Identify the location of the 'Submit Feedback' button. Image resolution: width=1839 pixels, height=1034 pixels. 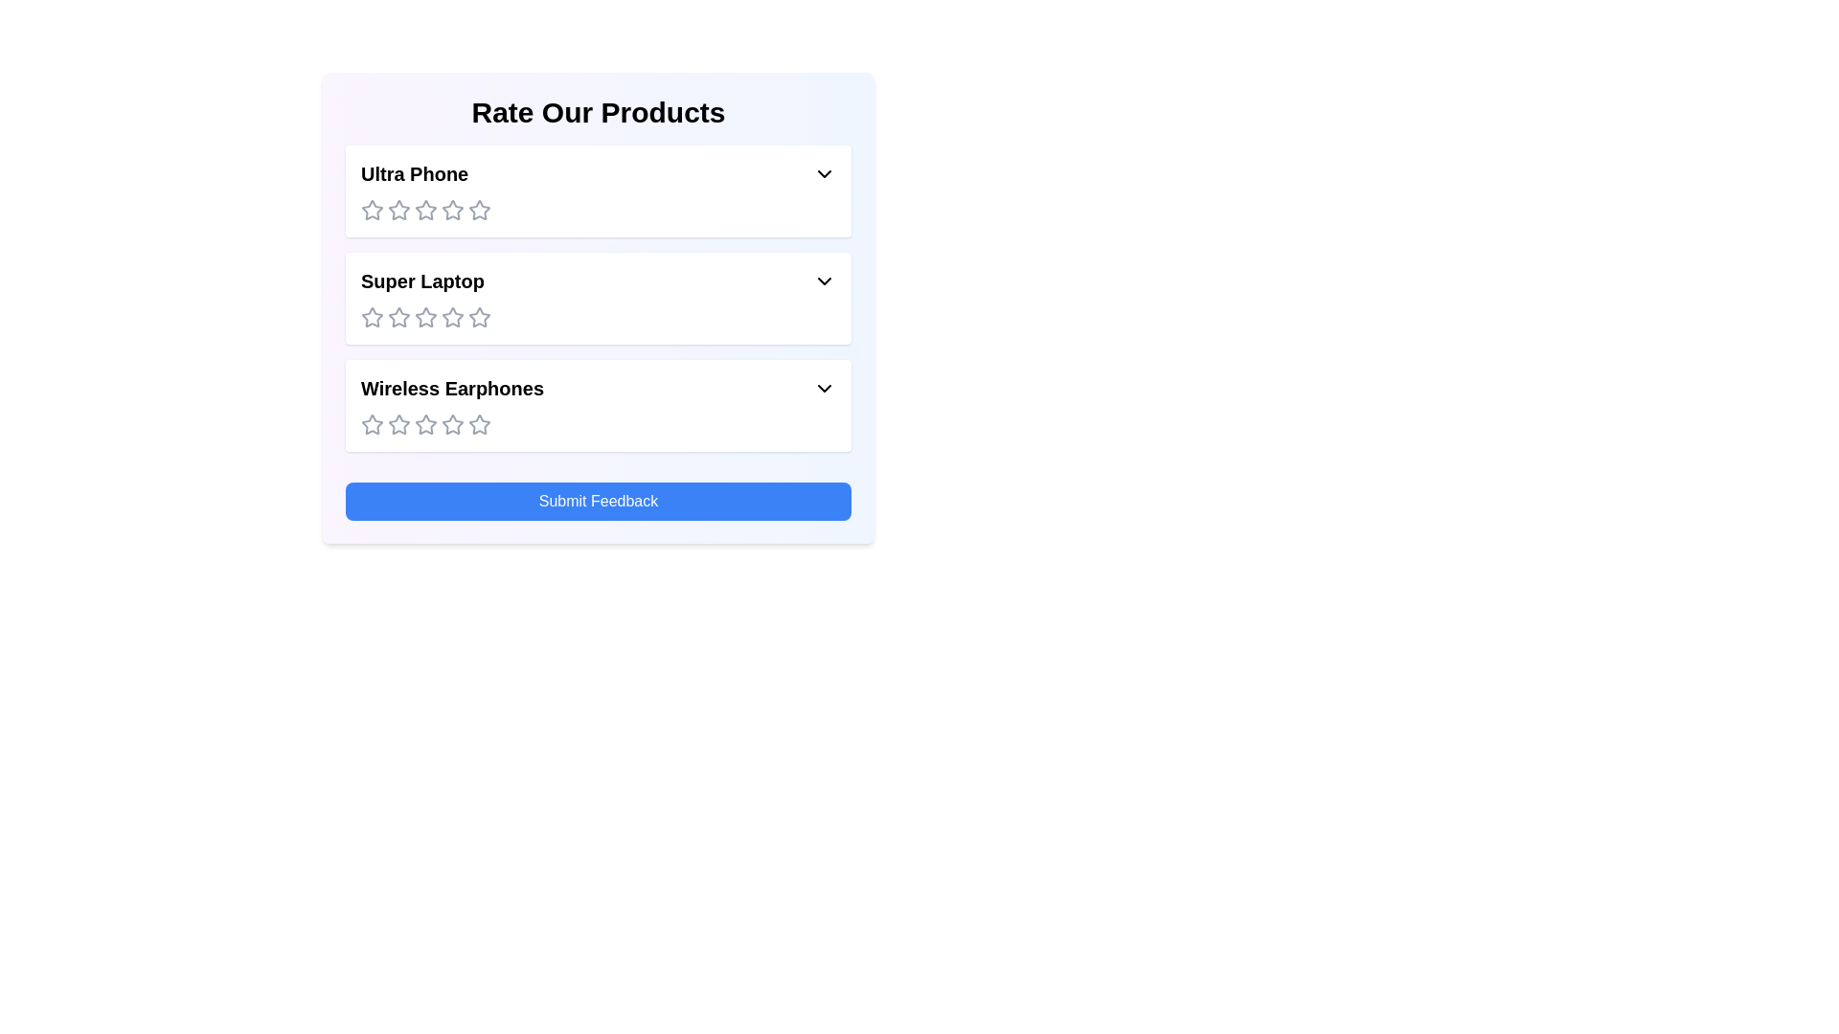
(597, 501).